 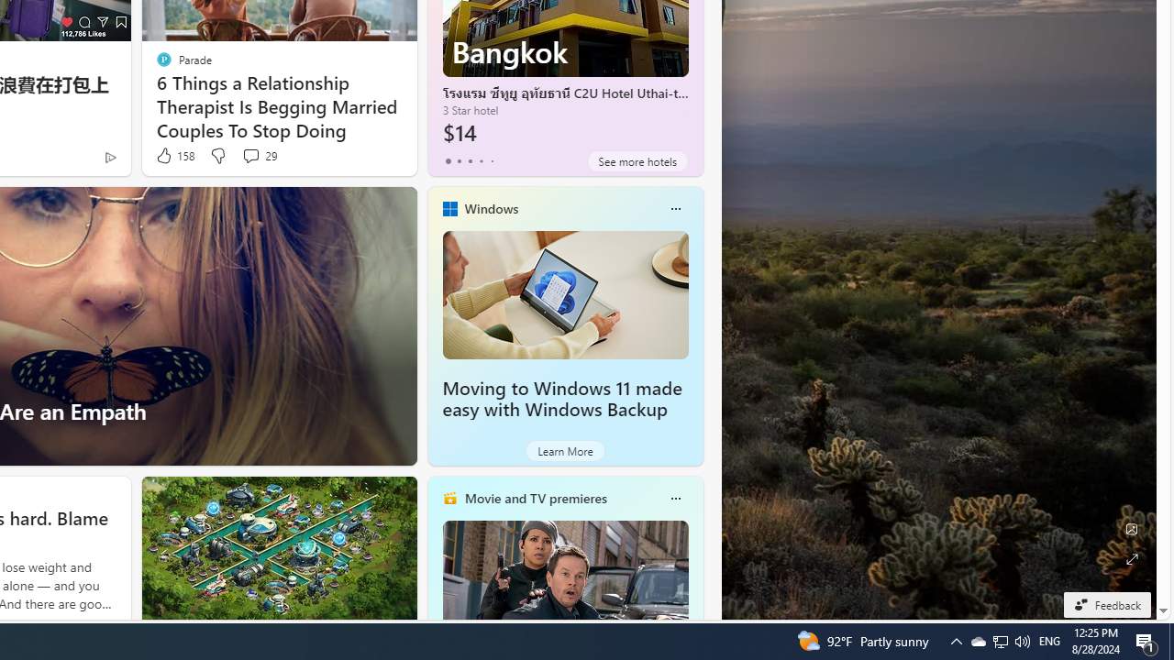 What do you see at coordinates (492, 160) in the screenshot?
I see `'tab-4'` at bounding box center [492, 160].